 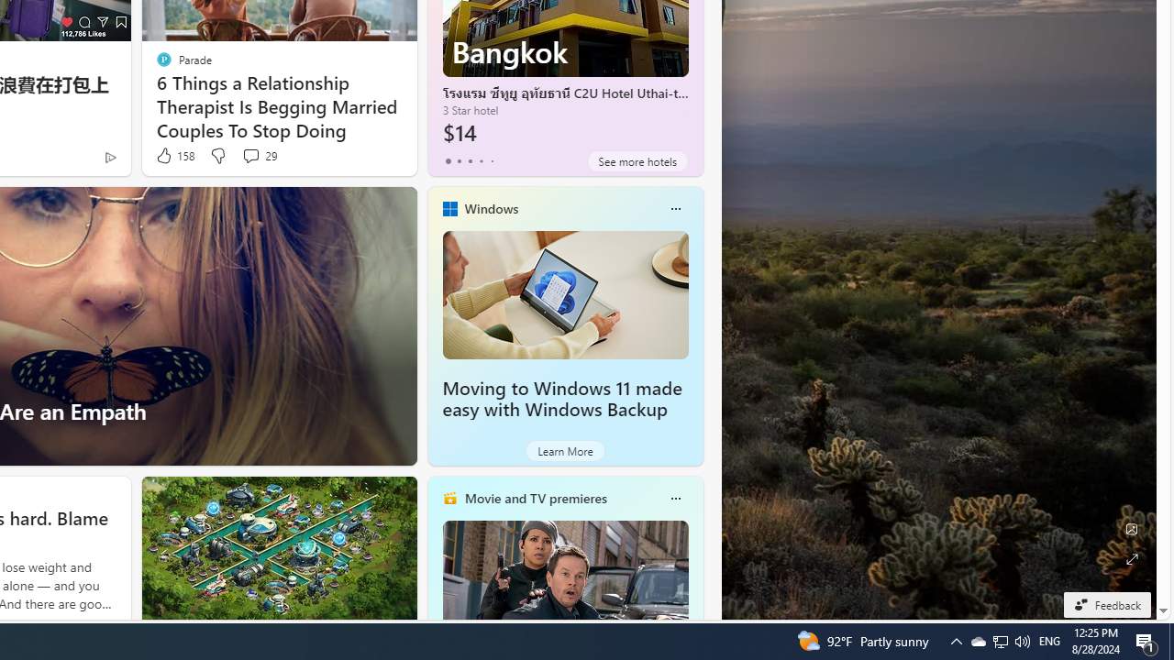 What do you see at coordinates (492, 160) in the screenshot?
I see `'tab-4'` at bounding box center [492, 160].